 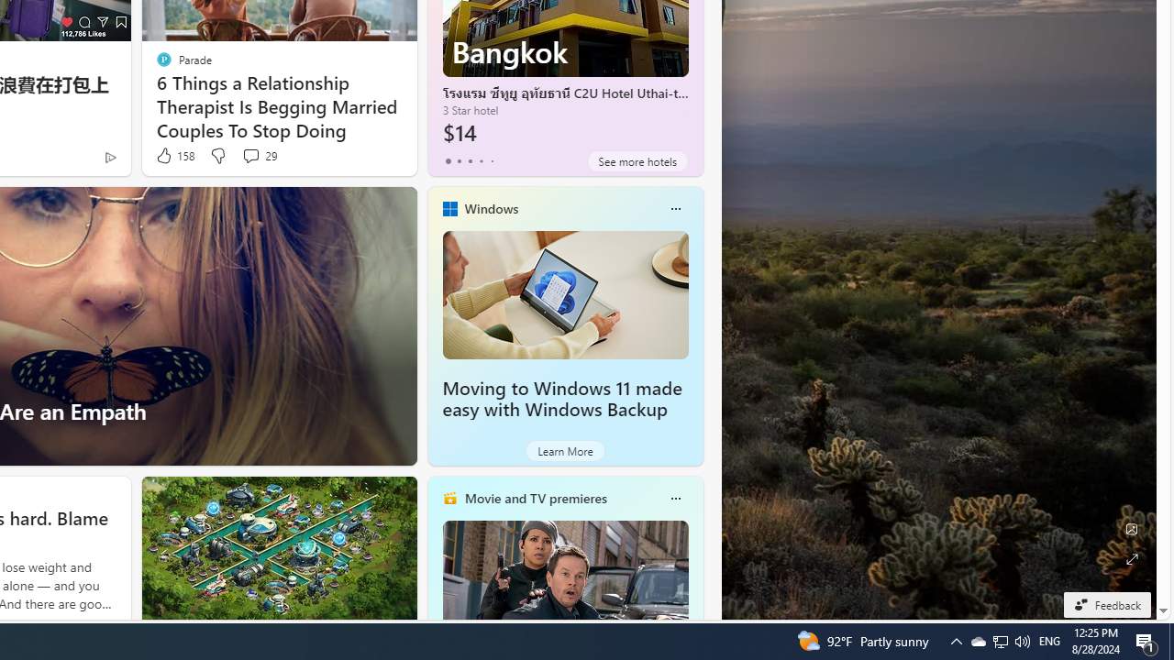 What do you see at coordinates (492, 160) in the screenshot?
I see `'tab-4'` at bounding box center [492, 160].